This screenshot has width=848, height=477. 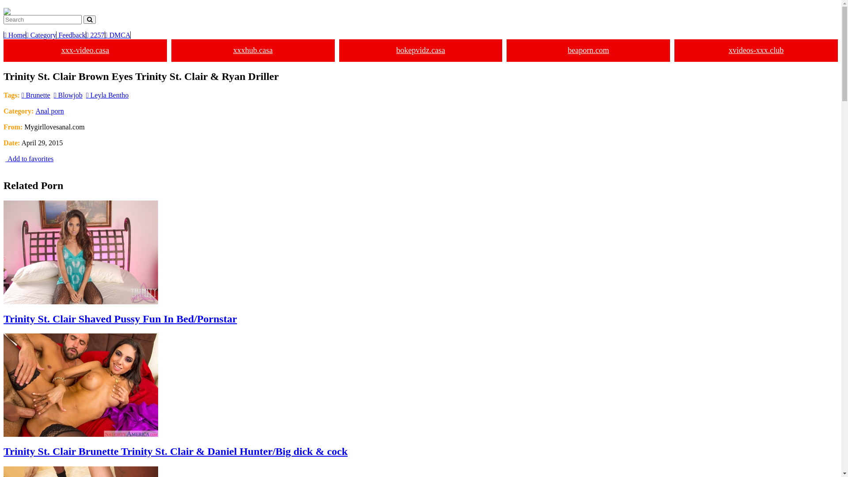 I want to click on 'Leyla Bentho', so click(x=107, y=95).